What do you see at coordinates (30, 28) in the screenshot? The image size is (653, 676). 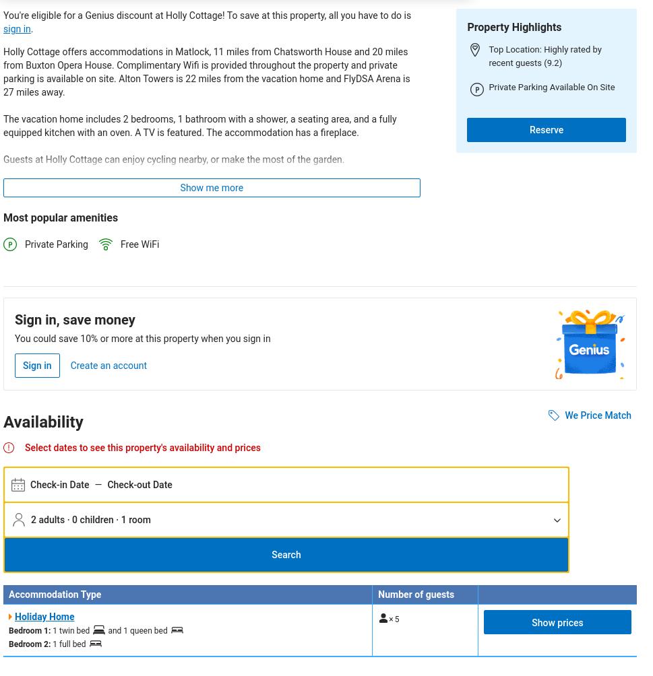 I see `'.'` at bounding box center [30, 28].